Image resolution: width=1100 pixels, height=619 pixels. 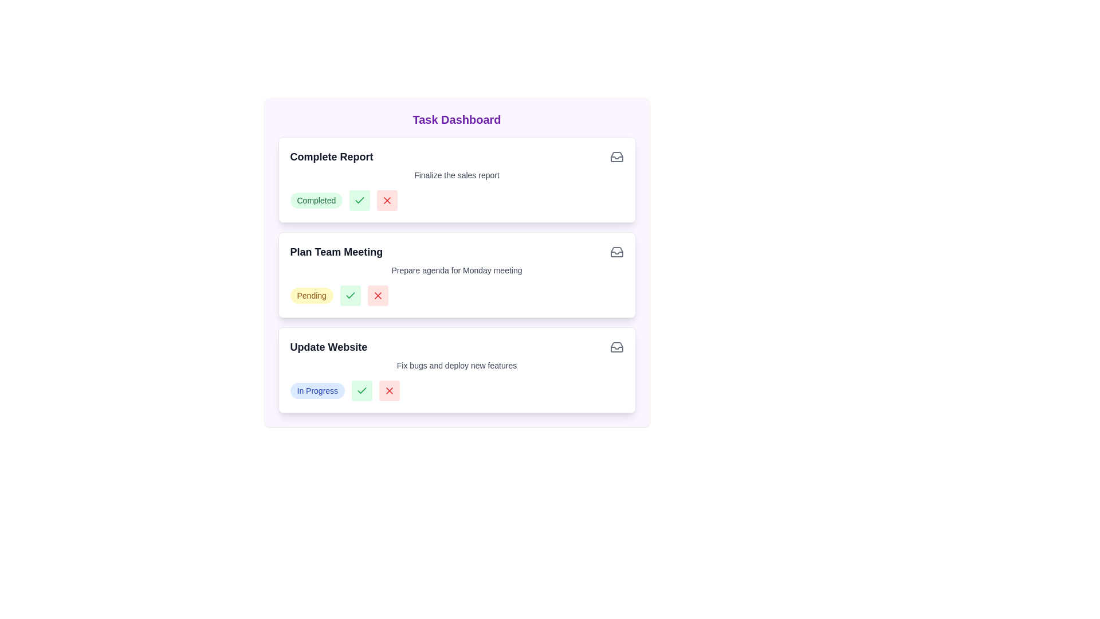 I want to click on 'Completed' button for the task titled Plan Team Meeting, so click(x=349, y=295).